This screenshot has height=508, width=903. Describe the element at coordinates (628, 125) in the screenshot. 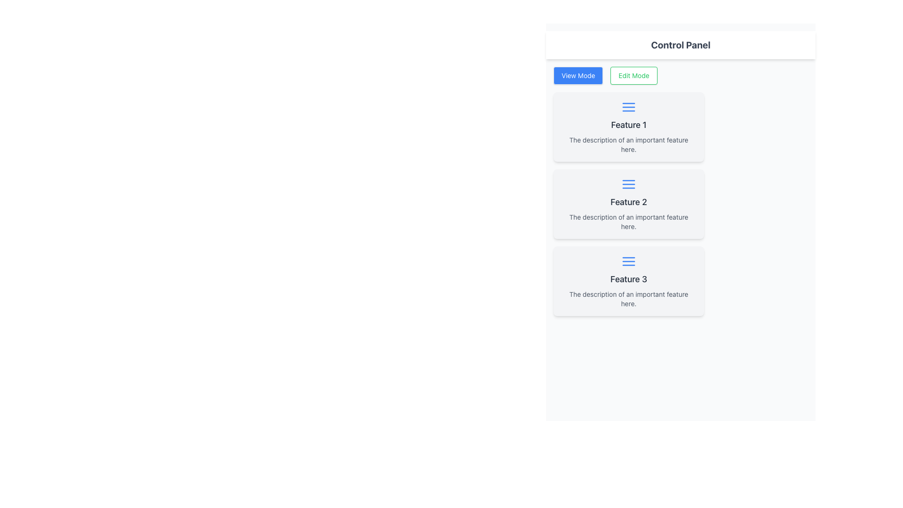

I see `the text header labeled 'Feature 1', which is styled in bold characters and located within the top card of three vertically stacked cards` at that location.